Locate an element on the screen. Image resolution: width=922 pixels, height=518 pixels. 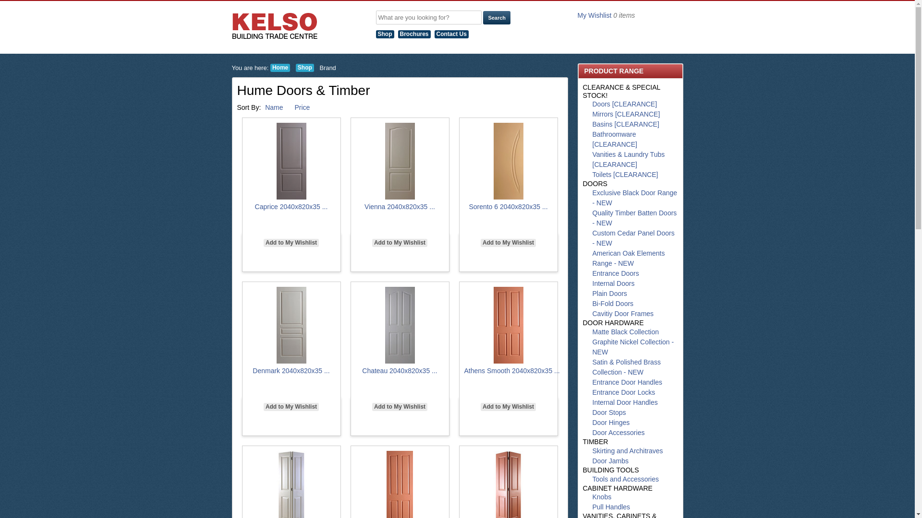
'Quality Timber Batten Doors - NEW' is located at coordinates (592, 218).